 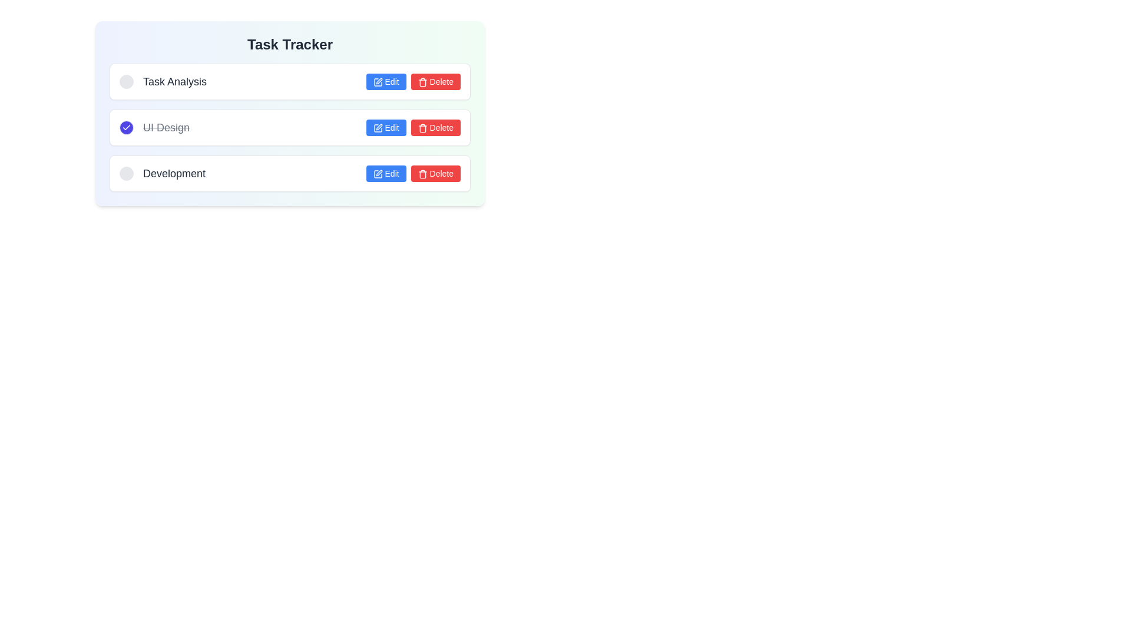 What do you see at coordinates (378, 174) in the screenshot?
I see `the thin, hollow outlined square icon representing the 'Edit' button located to the right of the 'Development' task for additional information` at bounding box center [378, 174].